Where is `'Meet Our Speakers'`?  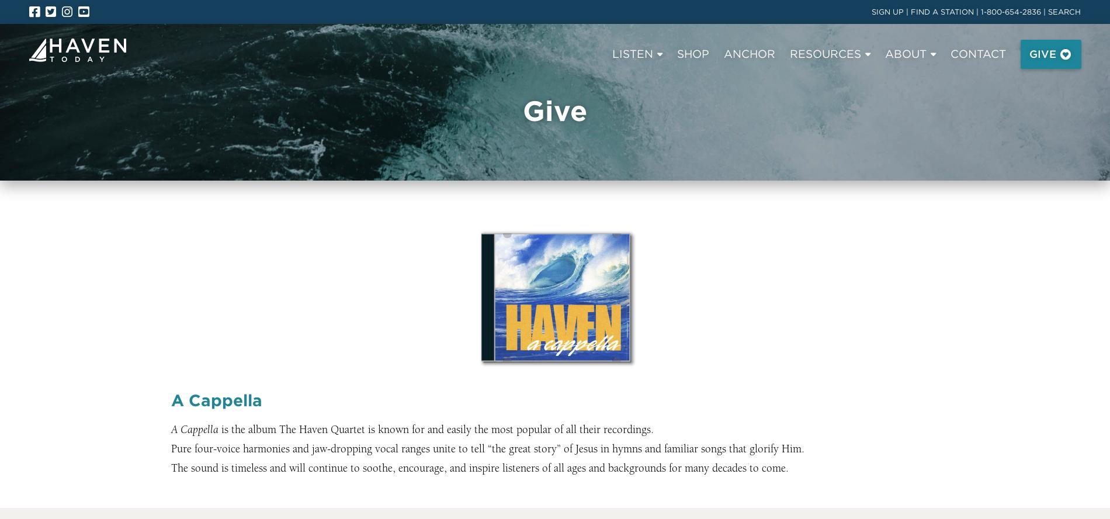
'Meet Our Speakers' is located at coordinates (213, 130).